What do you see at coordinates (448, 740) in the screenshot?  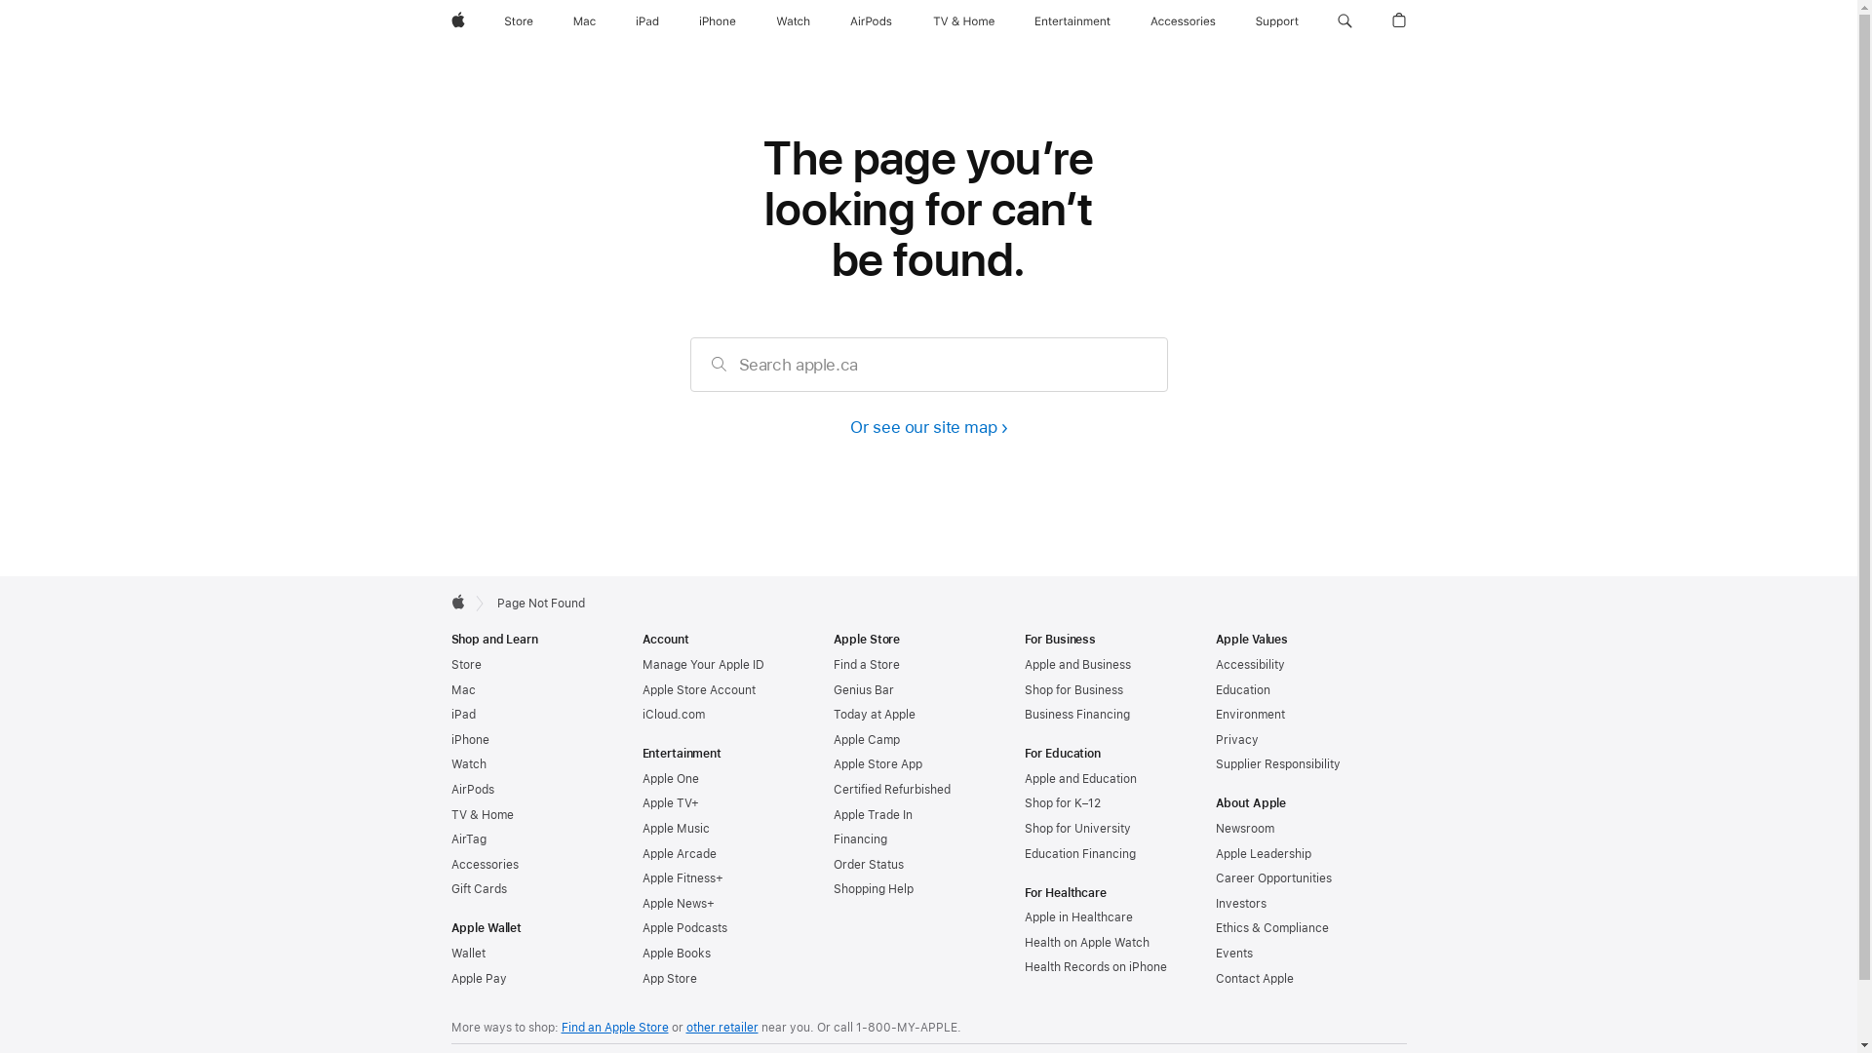 I see `'iPhone'` at bounding box center [448, 740].